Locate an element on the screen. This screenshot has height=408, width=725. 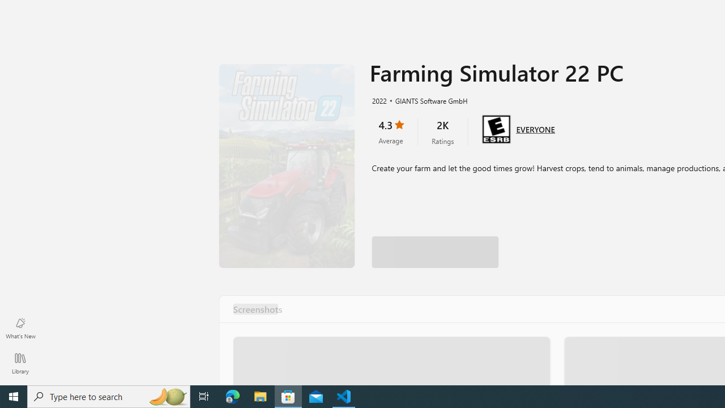
'4.3 stars. Click to skip to ratings and reviews' is located at coordinates (390, 131).